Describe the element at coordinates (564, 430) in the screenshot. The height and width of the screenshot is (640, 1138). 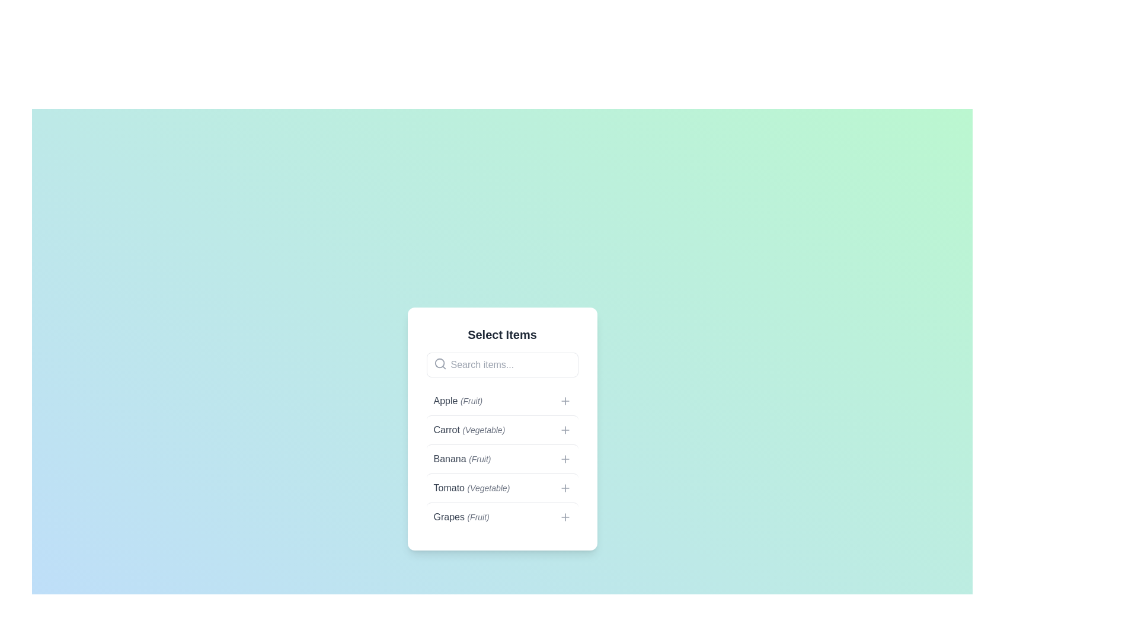
I see `the plus icon button for 'Carrot (Vegetable)'` at that location.